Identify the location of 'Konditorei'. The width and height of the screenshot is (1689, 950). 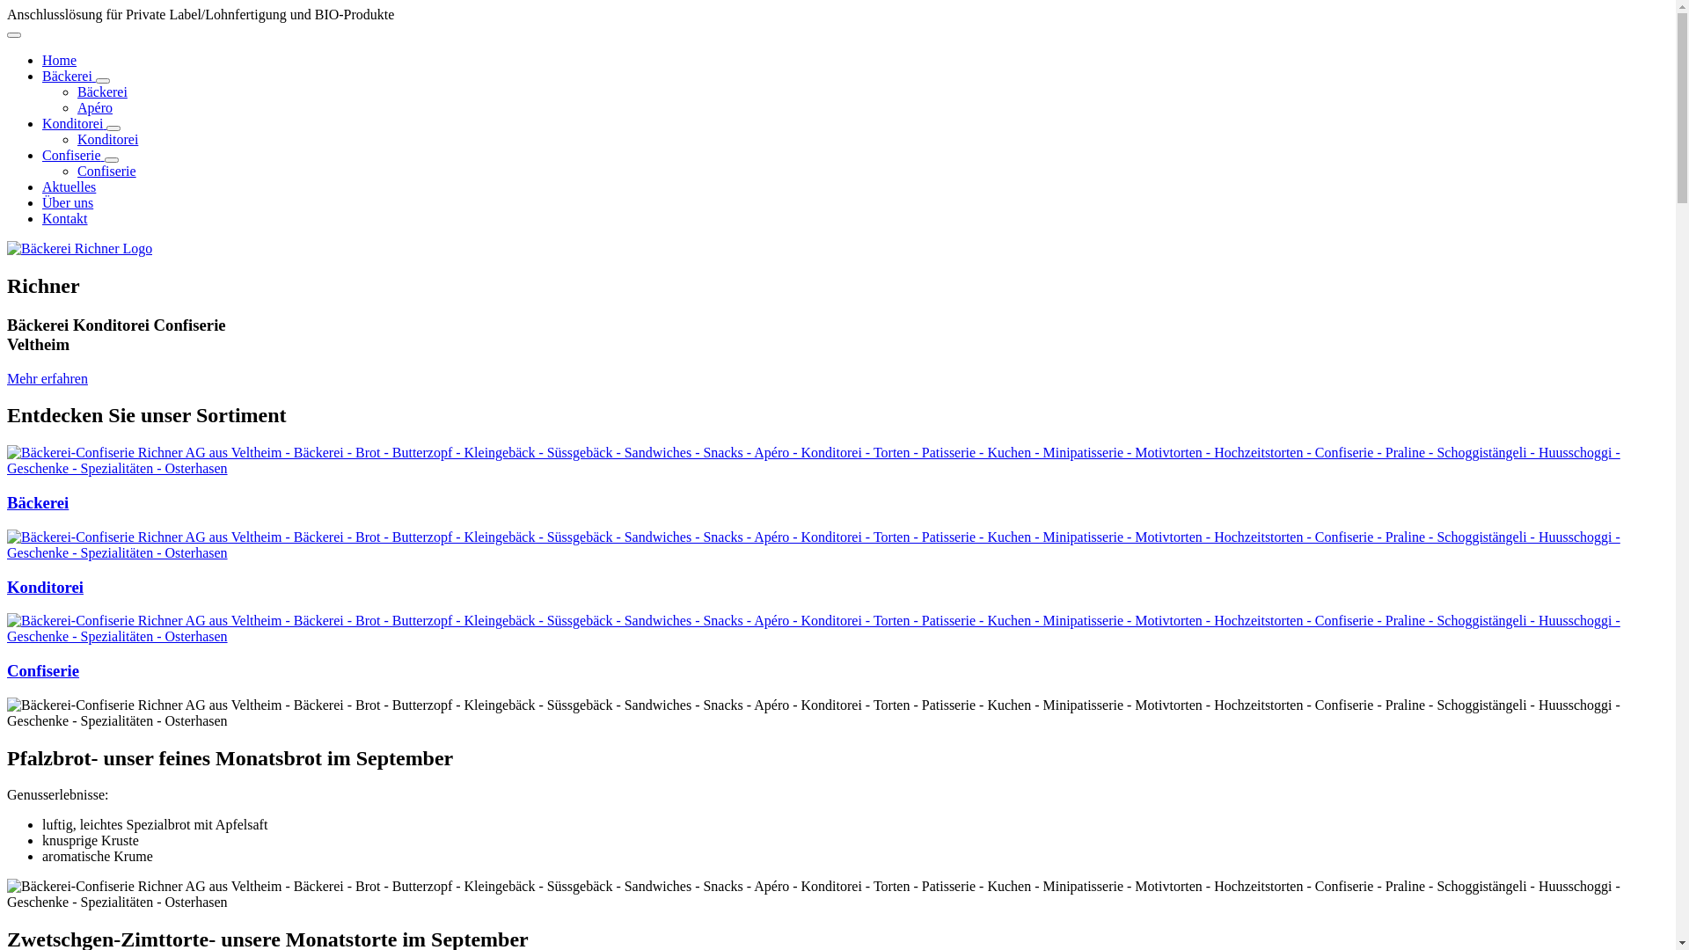
(106, 138).